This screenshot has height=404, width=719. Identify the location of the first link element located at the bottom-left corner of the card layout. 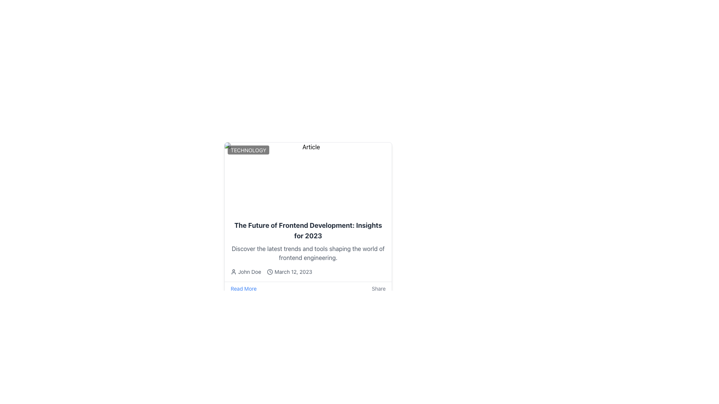
(243, 288).